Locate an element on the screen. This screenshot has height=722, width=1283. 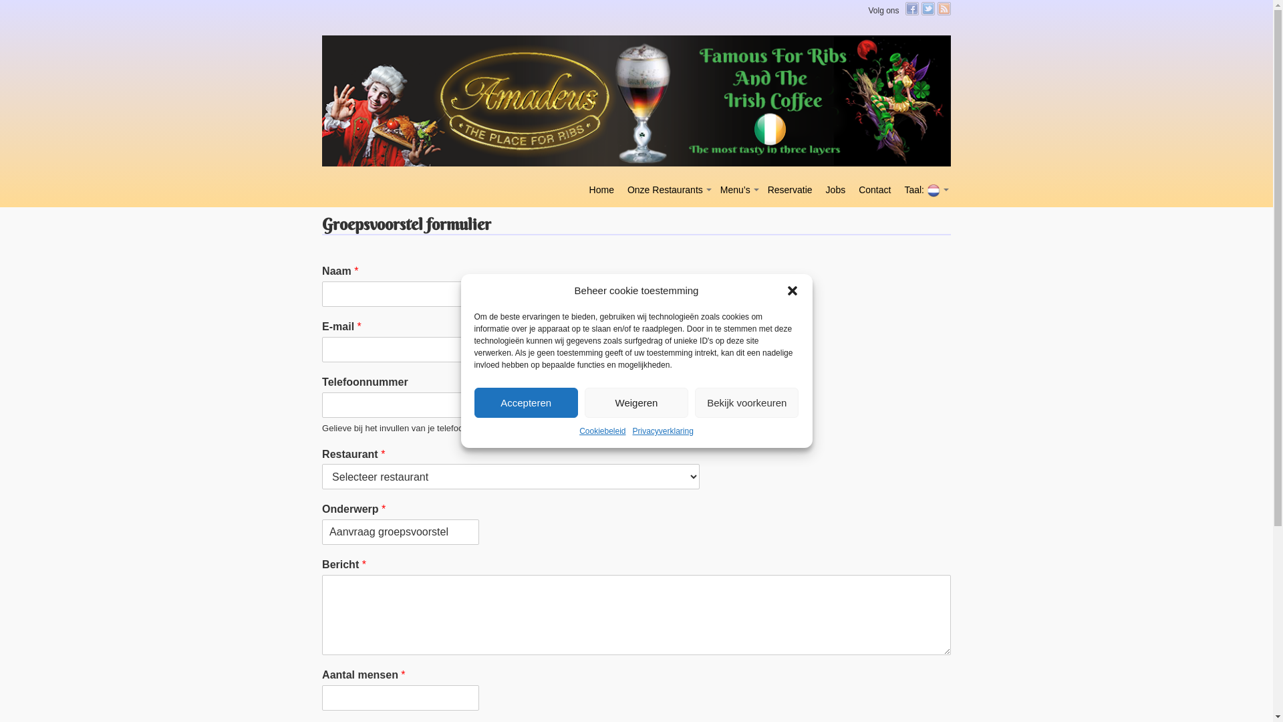
'Jobs' is located at coordinates (818, 190).